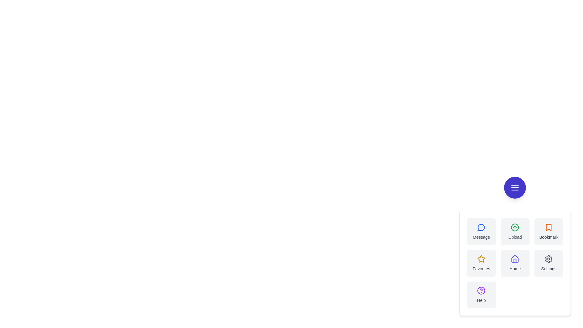 The height and width of the screenshot is (328, 583). I want to click on the Bookmark button in the speed dial menu, so click(549, 232).